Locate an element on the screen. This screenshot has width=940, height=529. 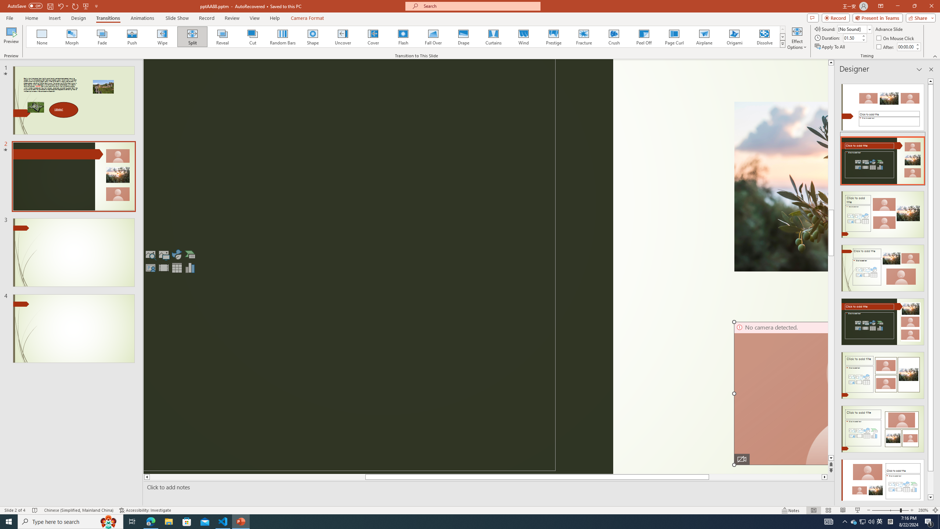
'Dissolve' is located at coordinates (764, 36).